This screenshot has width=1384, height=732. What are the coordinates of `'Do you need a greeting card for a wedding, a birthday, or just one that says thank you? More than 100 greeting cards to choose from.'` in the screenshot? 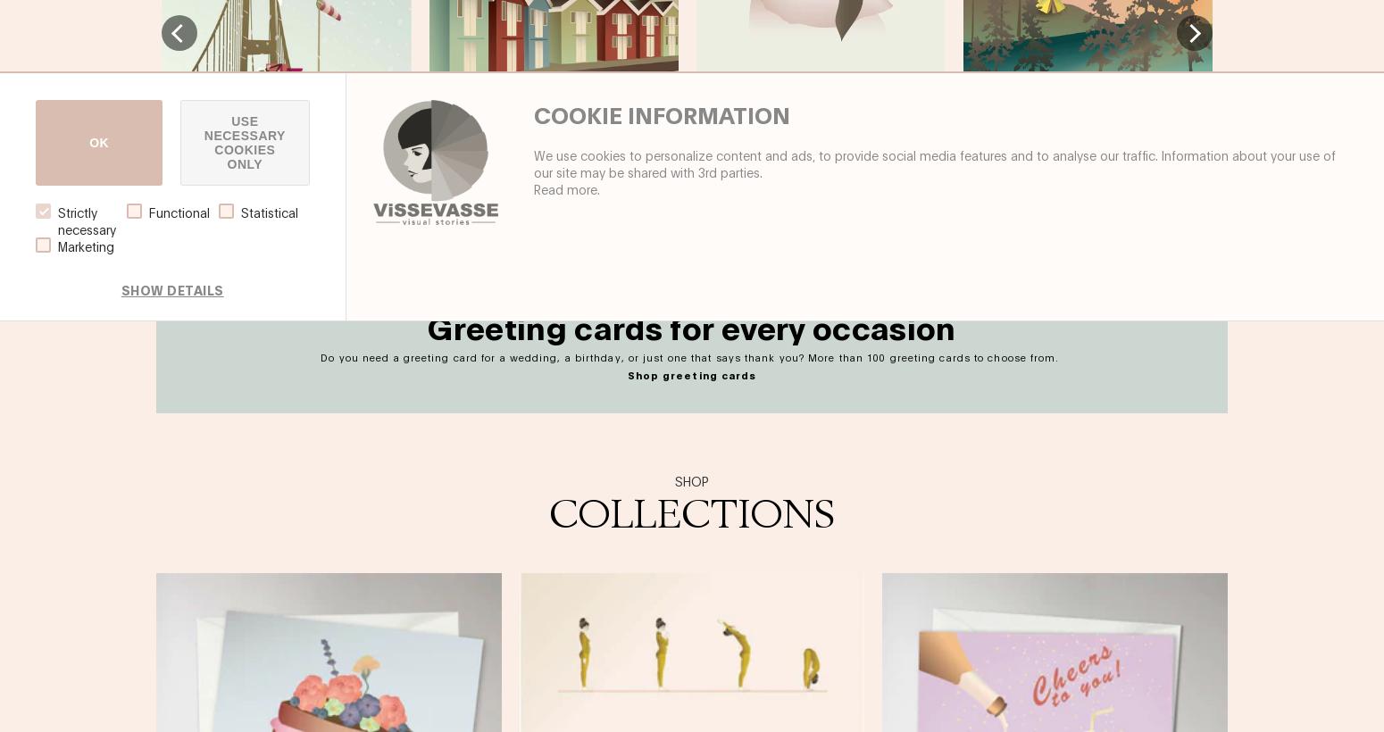 It's located at (691, 356).